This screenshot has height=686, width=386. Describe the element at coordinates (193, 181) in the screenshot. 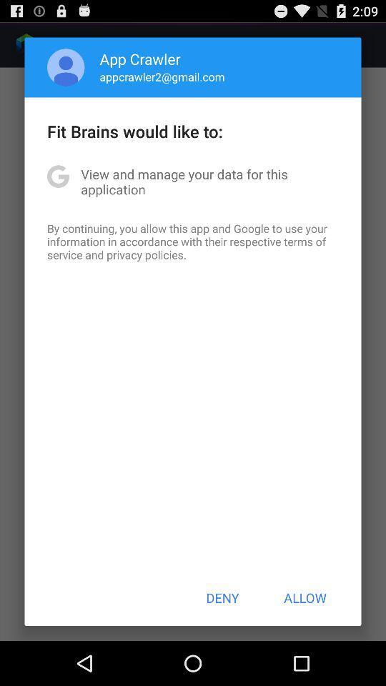

I see `item below fit brains would` at that location.